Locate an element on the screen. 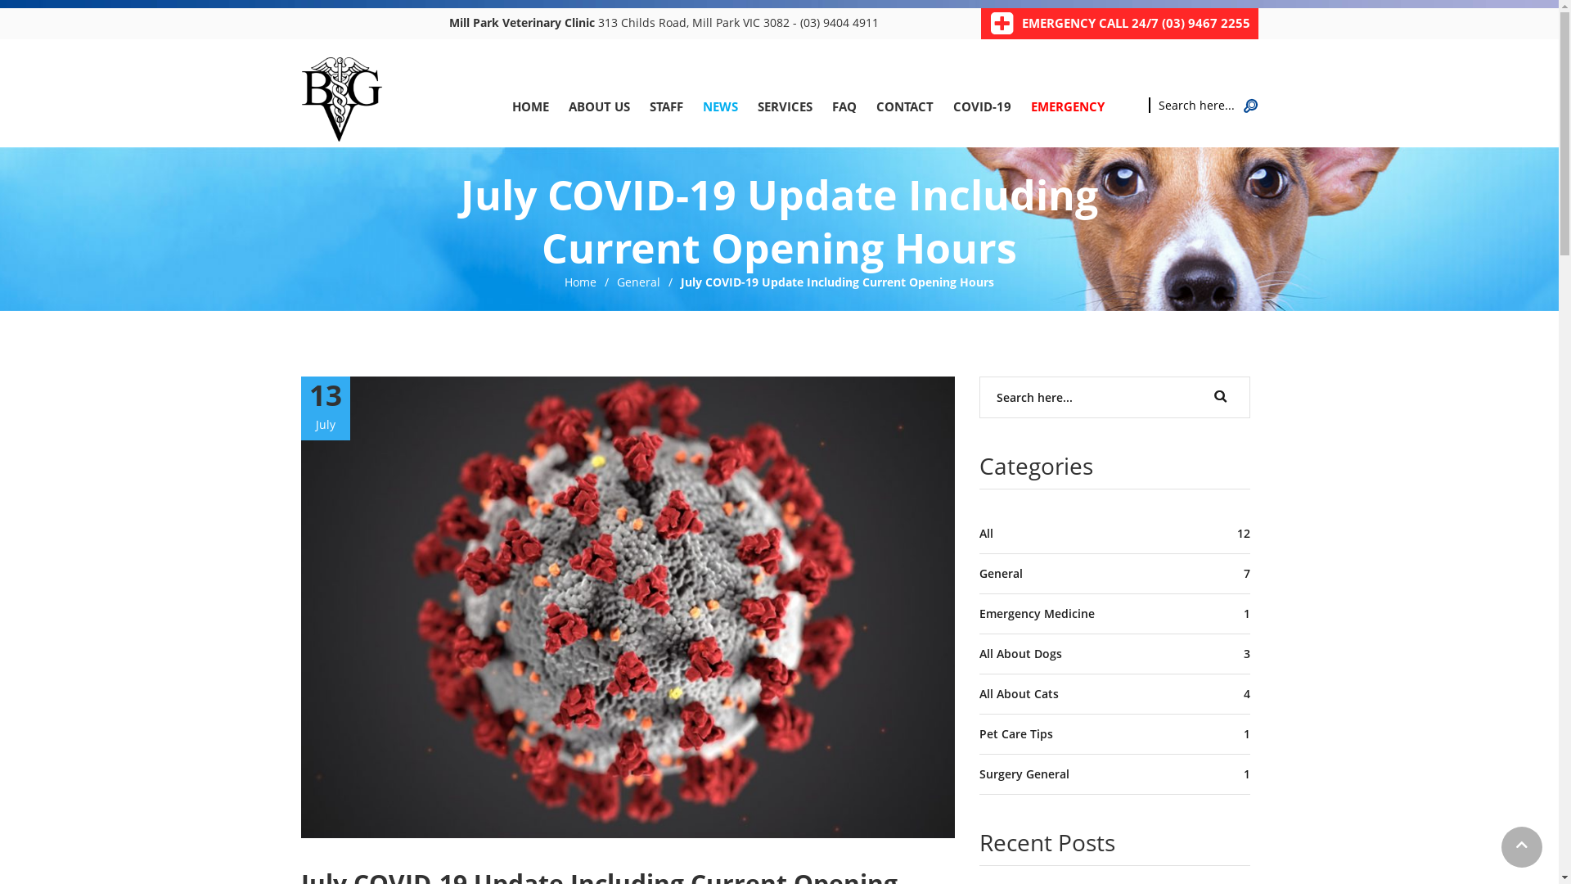  'General' is located at coordinates (637, 280).